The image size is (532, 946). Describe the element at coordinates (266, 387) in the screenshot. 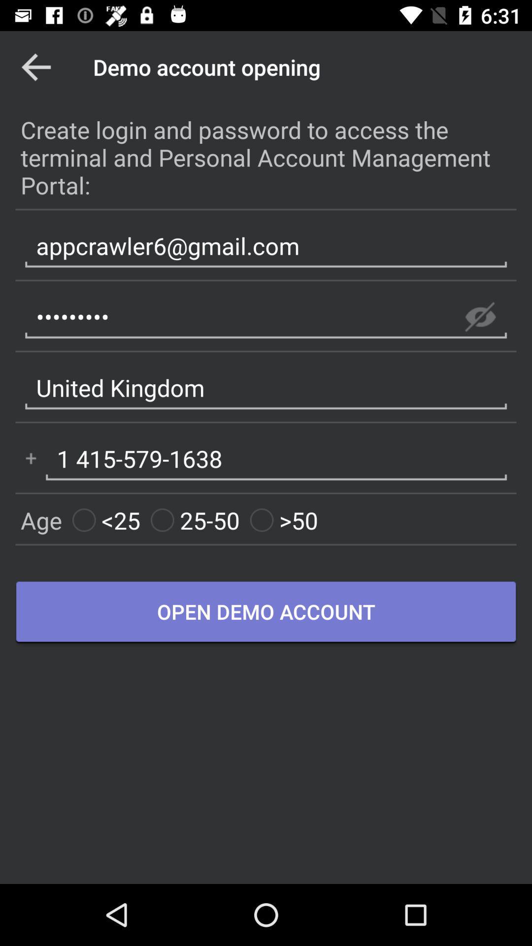

I see `the icon below crowd3116 item` at that location.